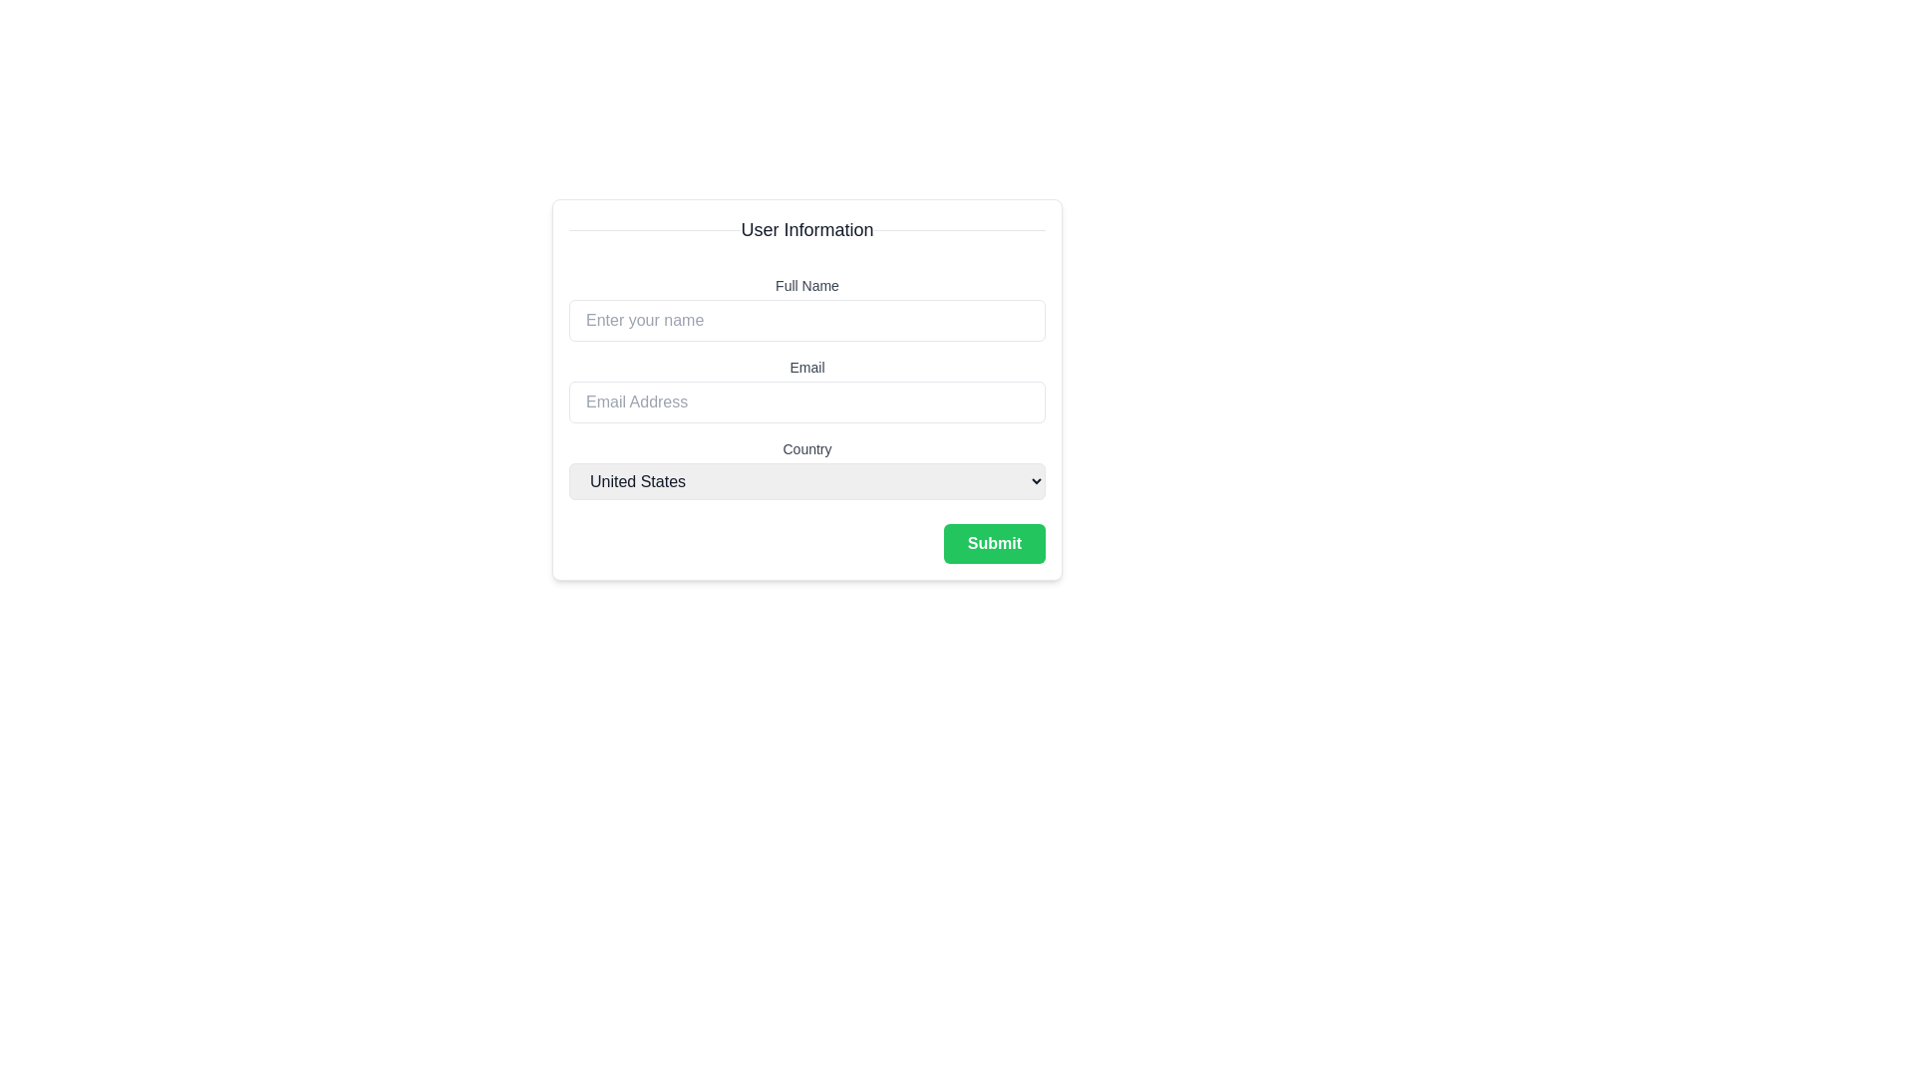  Describe the element at coordinates (807, 285) in the screenshot. I see `the Text Label that indicates the purpose of the adjacent text input field for entering the user's full name, located at the top-left portion of the form layout` at that location.